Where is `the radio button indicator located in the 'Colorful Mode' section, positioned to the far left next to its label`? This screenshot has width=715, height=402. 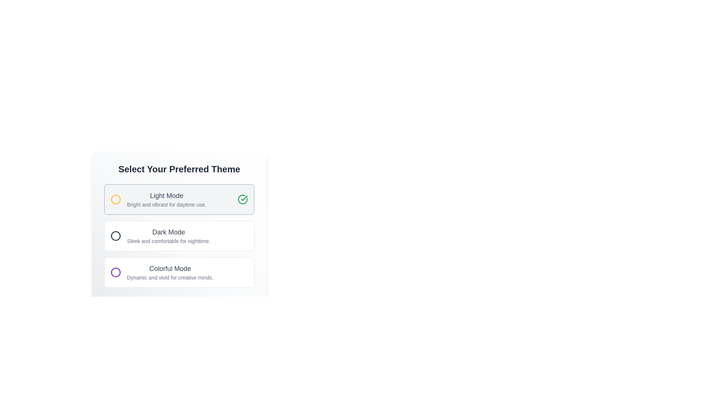 the radio button indicator located in the 'Colorful Mode' section, positioned to the far left next to its label is located at coordinates (115, 272).